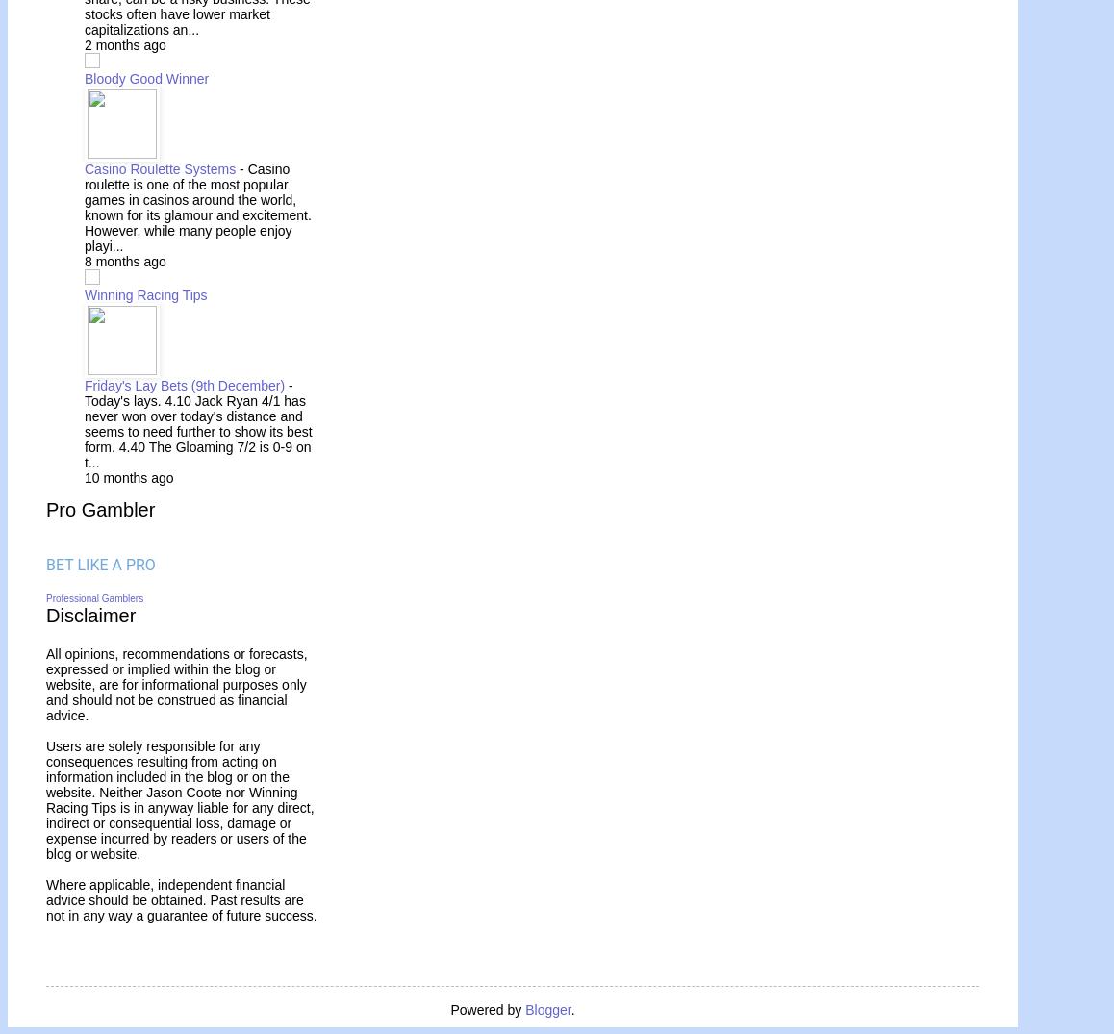 The height and width of the screenshot is (1034, 1114). What do you see at coordinates (124, 261) in the screenshot?
I see `'8 months ago'` at bounding box center [124, 261].